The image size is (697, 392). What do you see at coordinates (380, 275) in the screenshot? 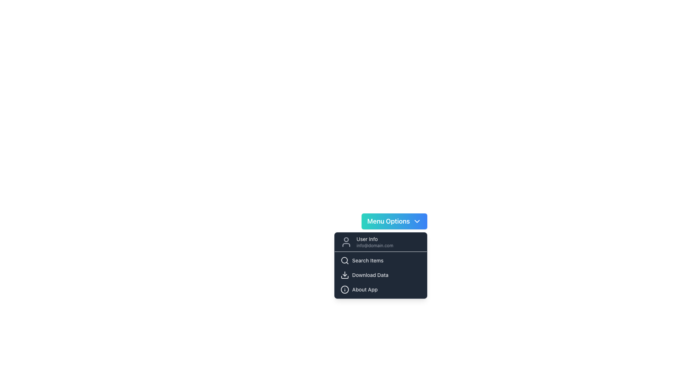
I see `one of the options in the dropdown menu beneath the 'Menu Options' button, which includes 'Search Items', 'Download Data', and 'About App'` at bounding box center [380, 275].